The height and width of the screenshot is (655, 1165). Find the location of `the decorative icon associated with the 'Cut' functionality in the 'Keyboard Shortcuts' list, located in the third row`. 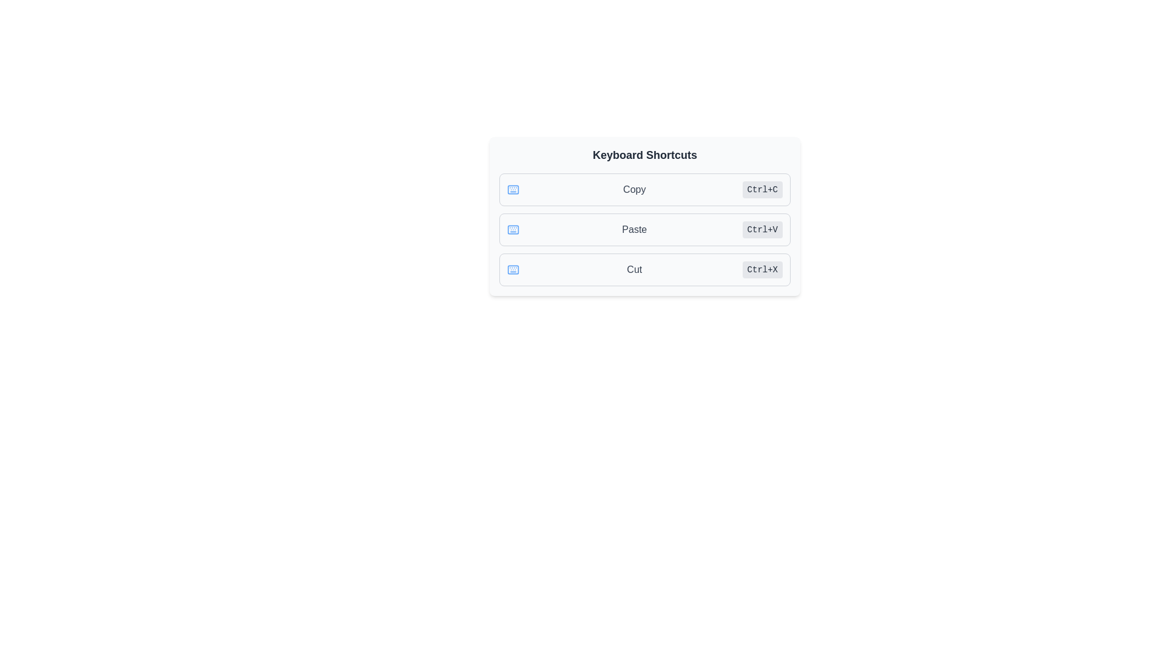

the decorative icon associated with the 'Cut' functionality in the 'Keyboard Shortcuts' list, located in the third row is located at coordinates (513, 269).